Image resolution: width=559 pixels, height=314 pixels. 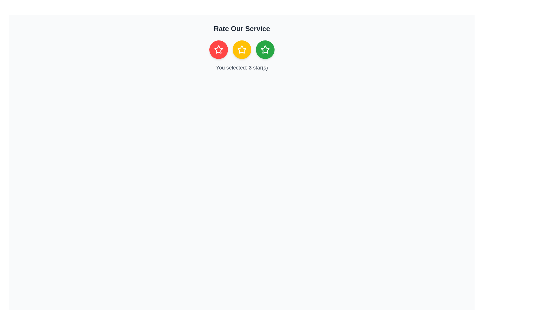 I want to click on the circular yellow button with a white star icon, so click(x=242, y=49).